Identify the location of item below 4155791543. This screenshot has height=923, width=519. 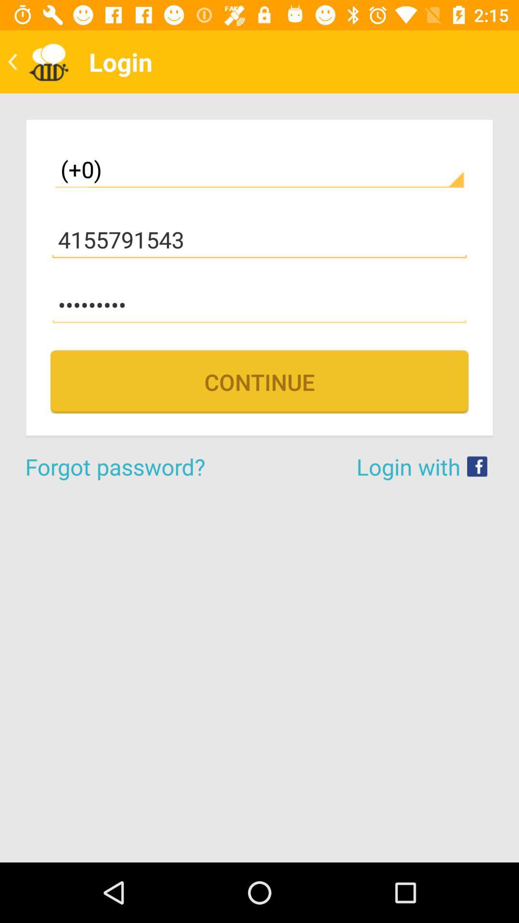
(259, 304).